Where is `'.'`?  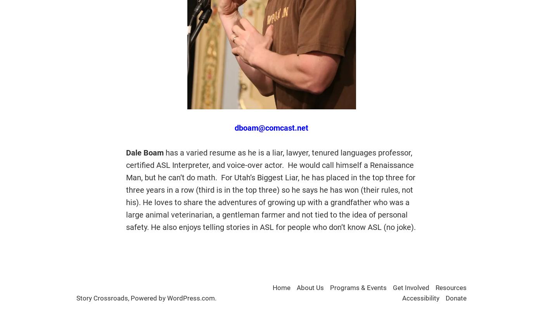 '.' is located at coordinates (214, 298).